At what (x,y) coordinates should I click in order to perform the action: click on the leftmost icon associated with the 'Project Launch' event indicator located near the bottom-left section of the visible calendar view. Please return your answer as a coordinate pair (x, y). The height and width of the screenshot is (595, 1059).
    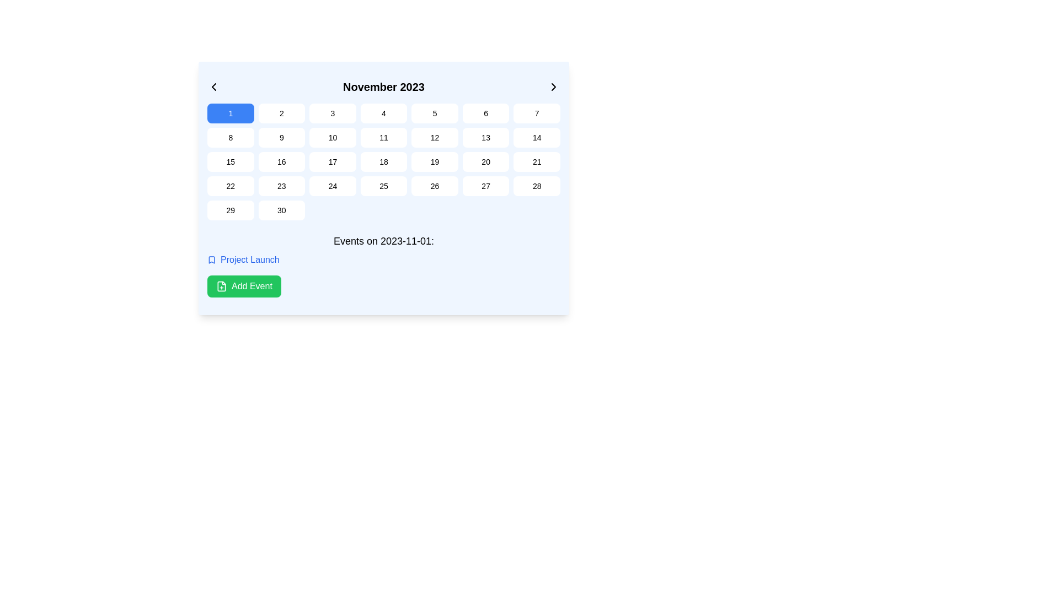
    Looking at the image, I should click on (212, 259).